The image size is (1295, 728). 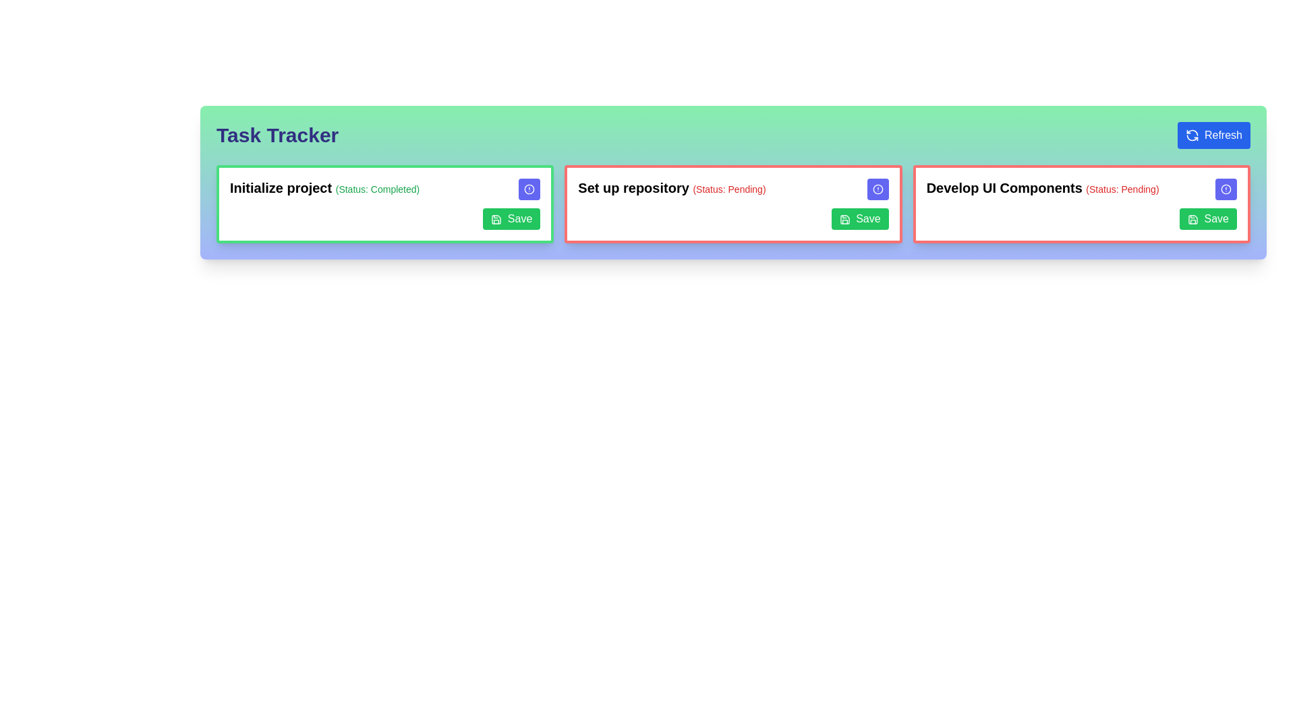 What do you see at coordinates (1226, 189) in the screenshot?
I see `the circular graphical icon element located in the top-right corner of the 'Develop UI Components (Status: Pending)' task card` at bounding box center [1226, 189].